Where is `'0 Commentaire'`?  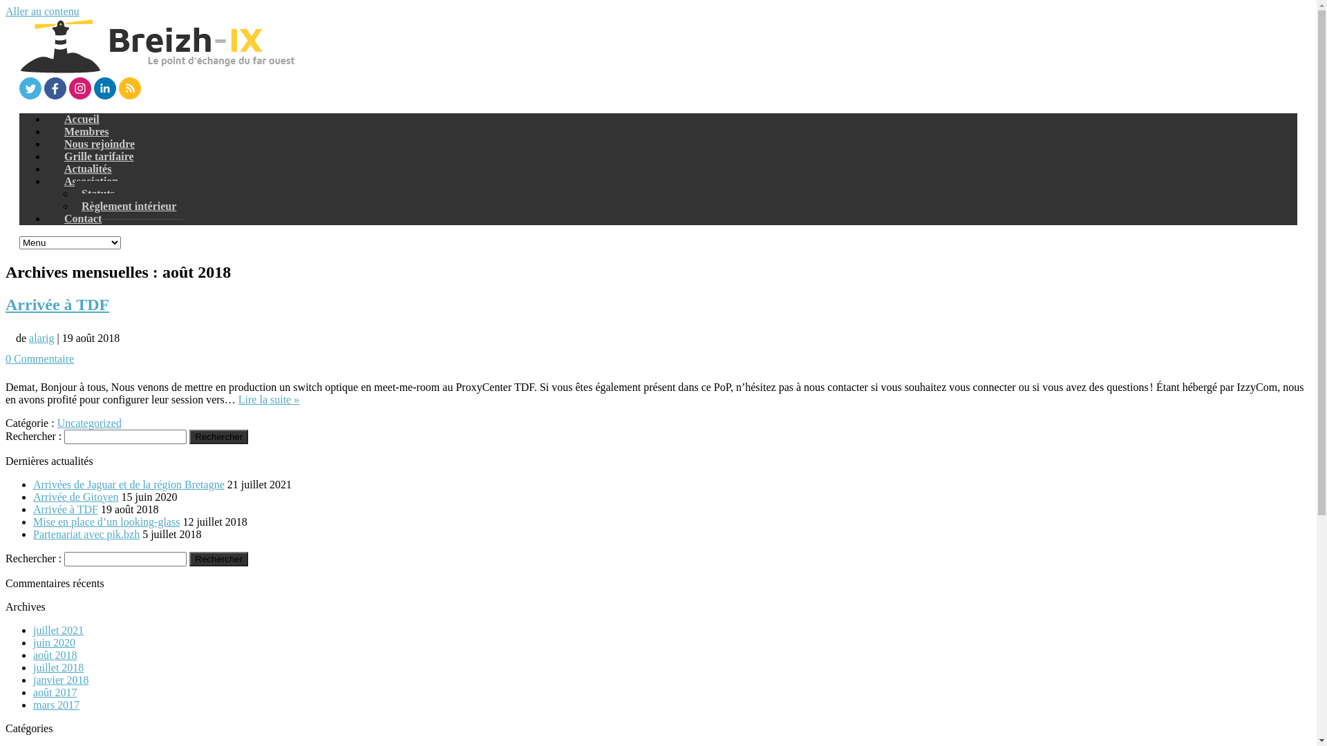 '0 Commentaire' is located at coordinates (39, 358).